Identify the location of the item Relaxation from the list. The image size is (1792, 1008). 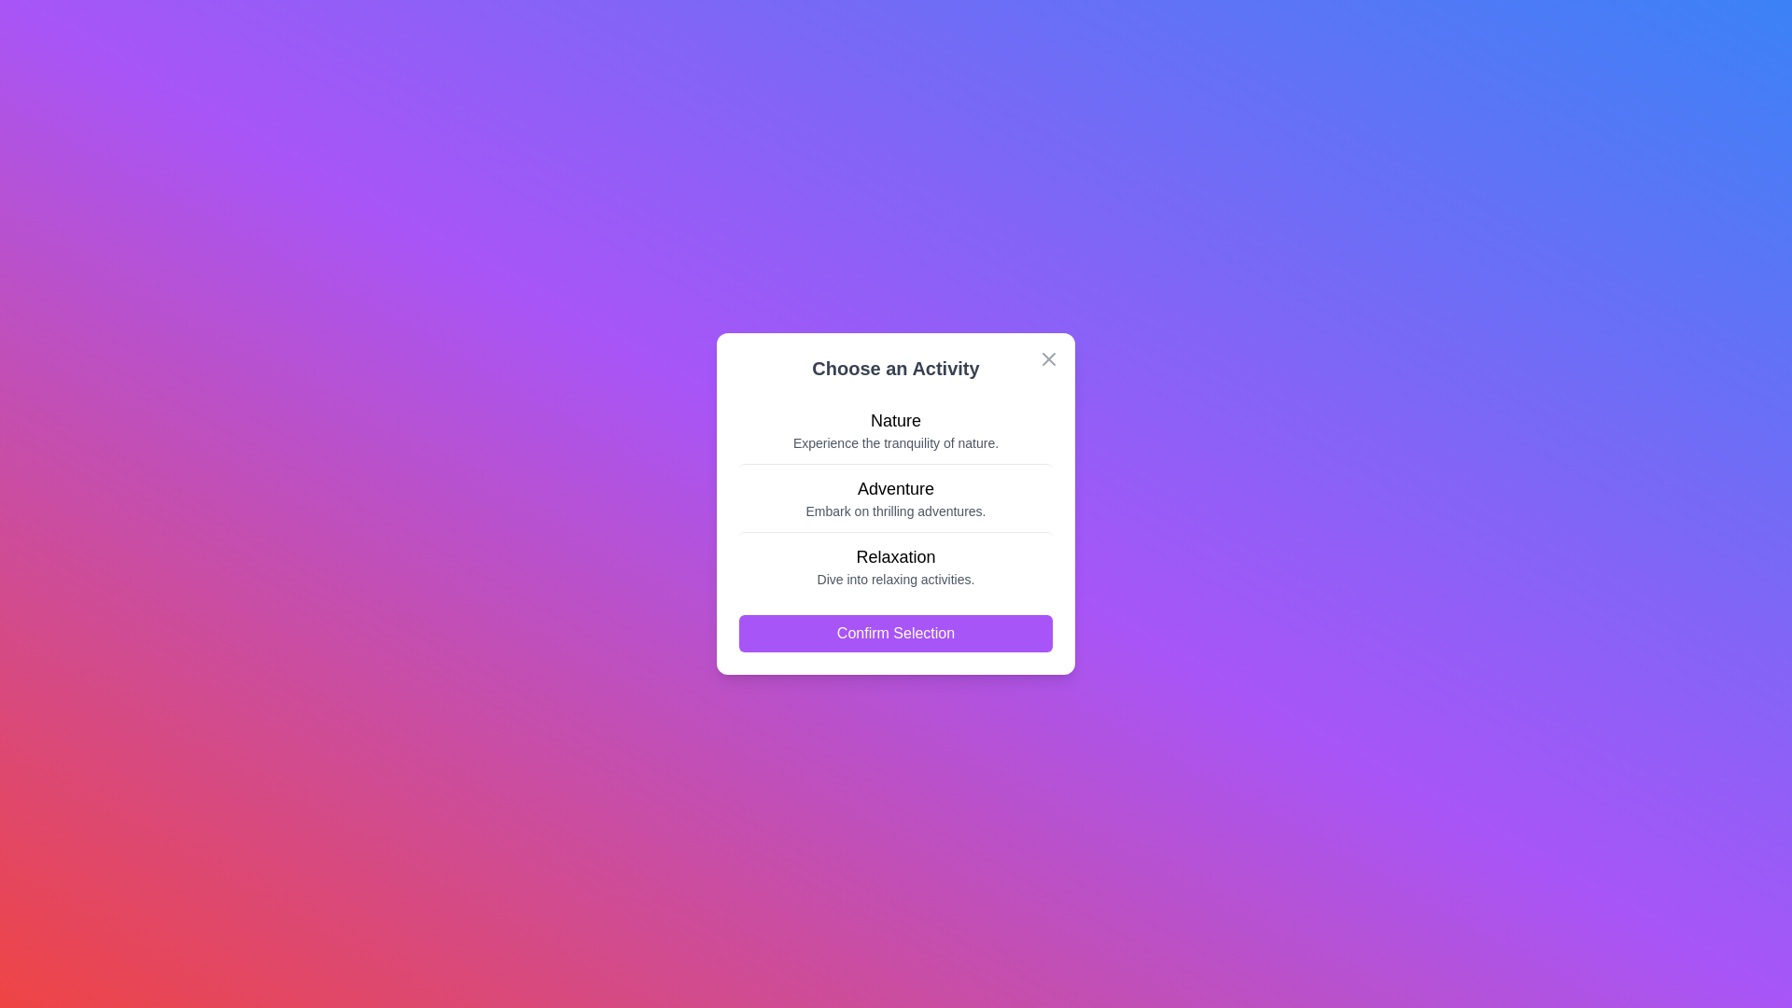
(896, 564).